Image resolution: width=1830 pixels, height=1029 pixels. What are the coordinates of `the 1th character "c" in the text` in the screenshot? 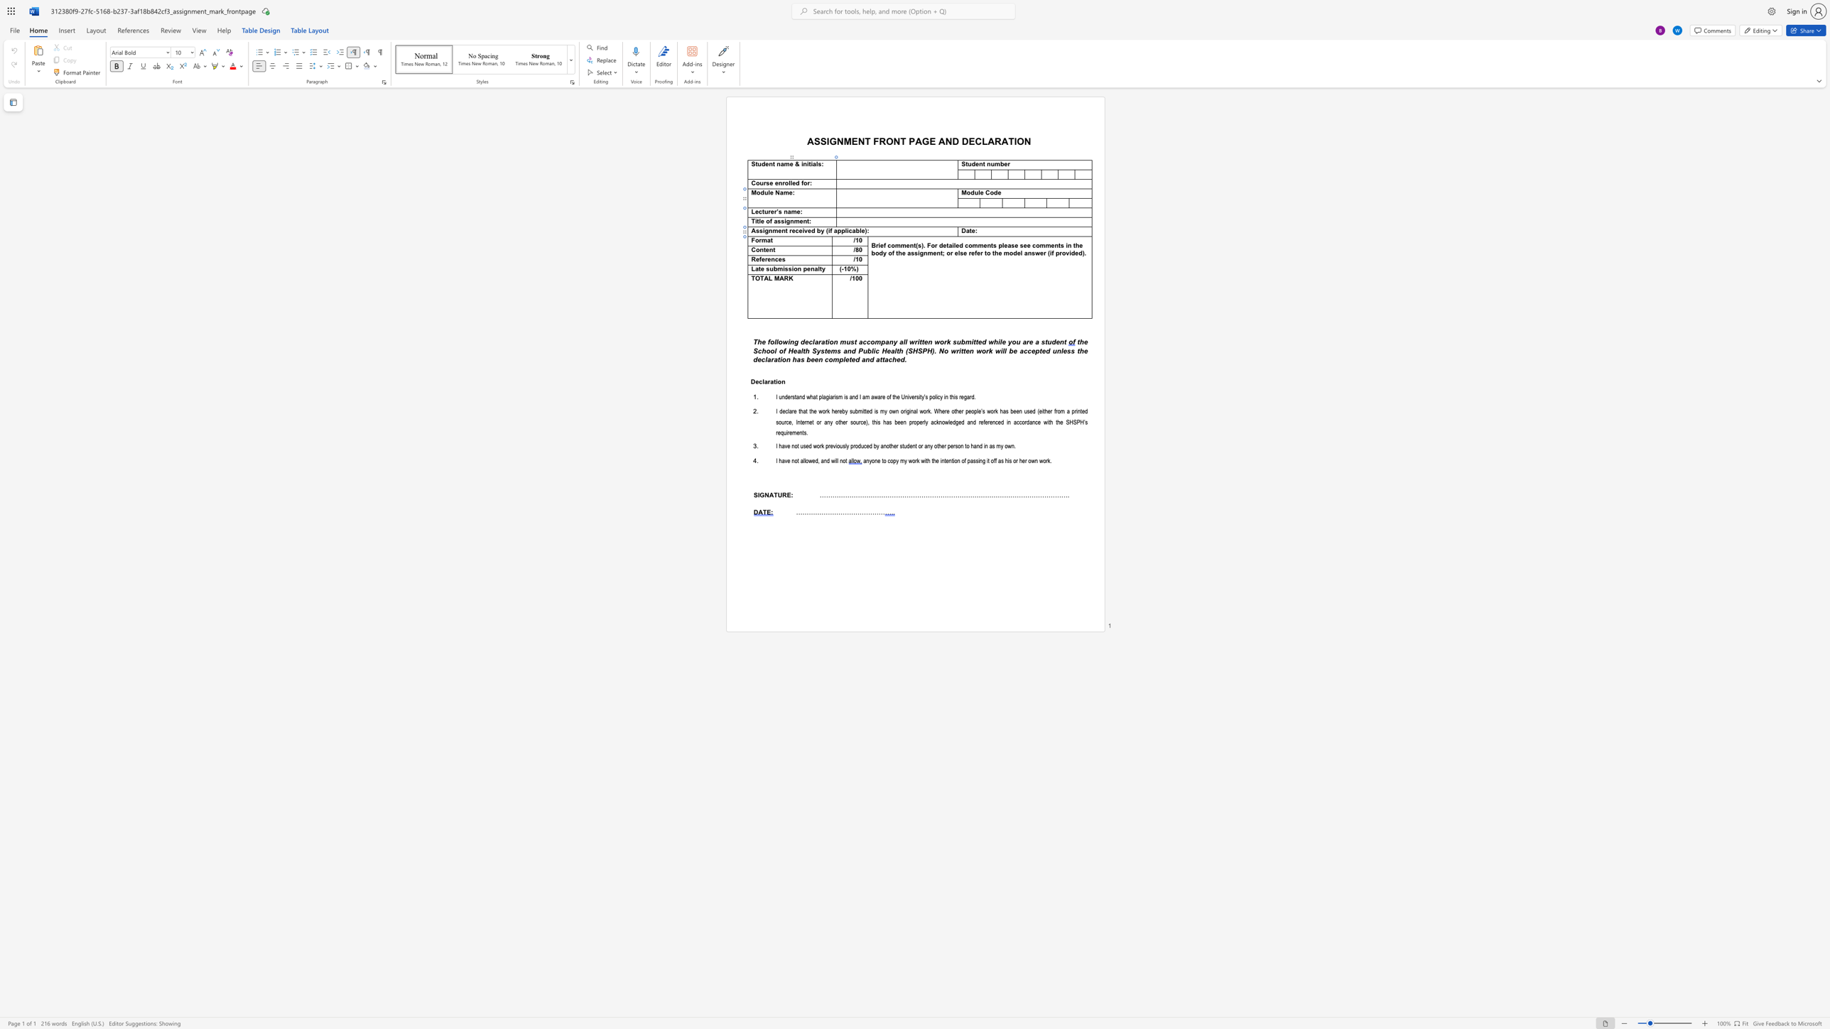 It's located at (776, 258).